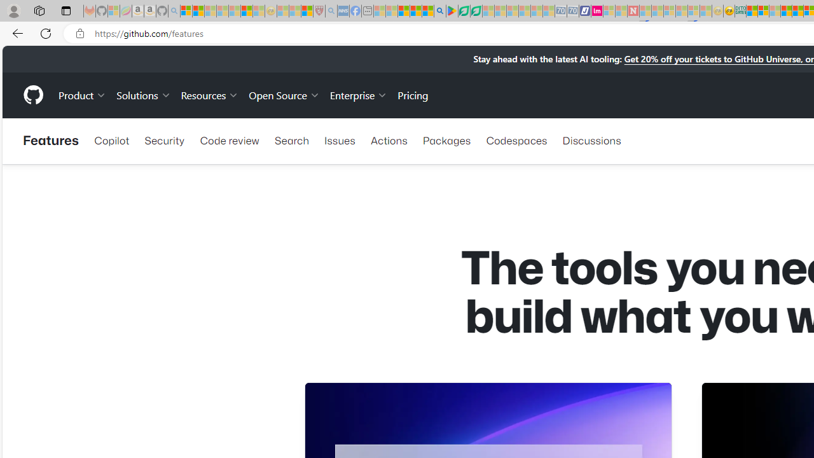 Image resolution: width=814 pixels, height=458 pixels. Describe the element at coordinates (143, 94) in the screenshot. I see `'Solutions'` at that location.